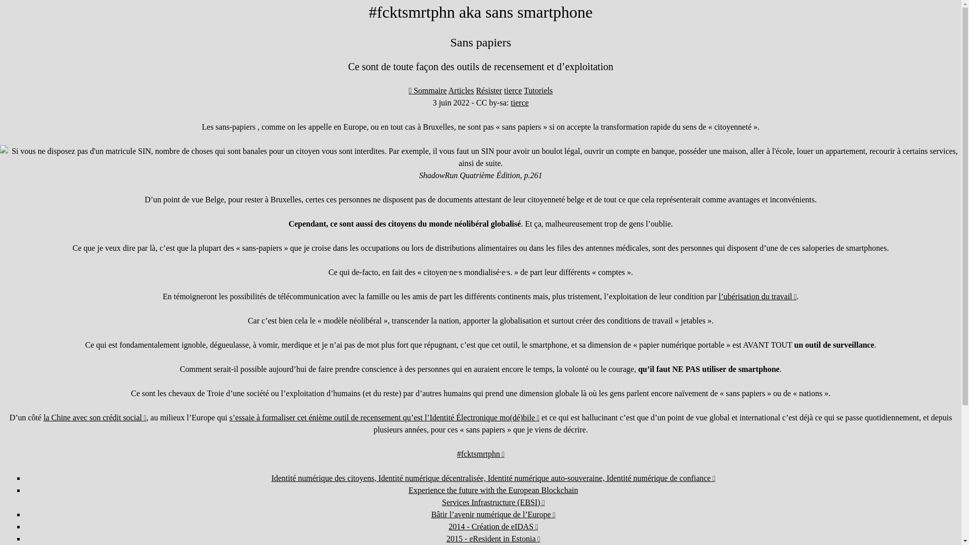 The height and width of the screenshot is (545, 969). What do you see at coordinates (513, 90) in the screenshot?
I see `'tierce'` at bounding box center [513, 90].